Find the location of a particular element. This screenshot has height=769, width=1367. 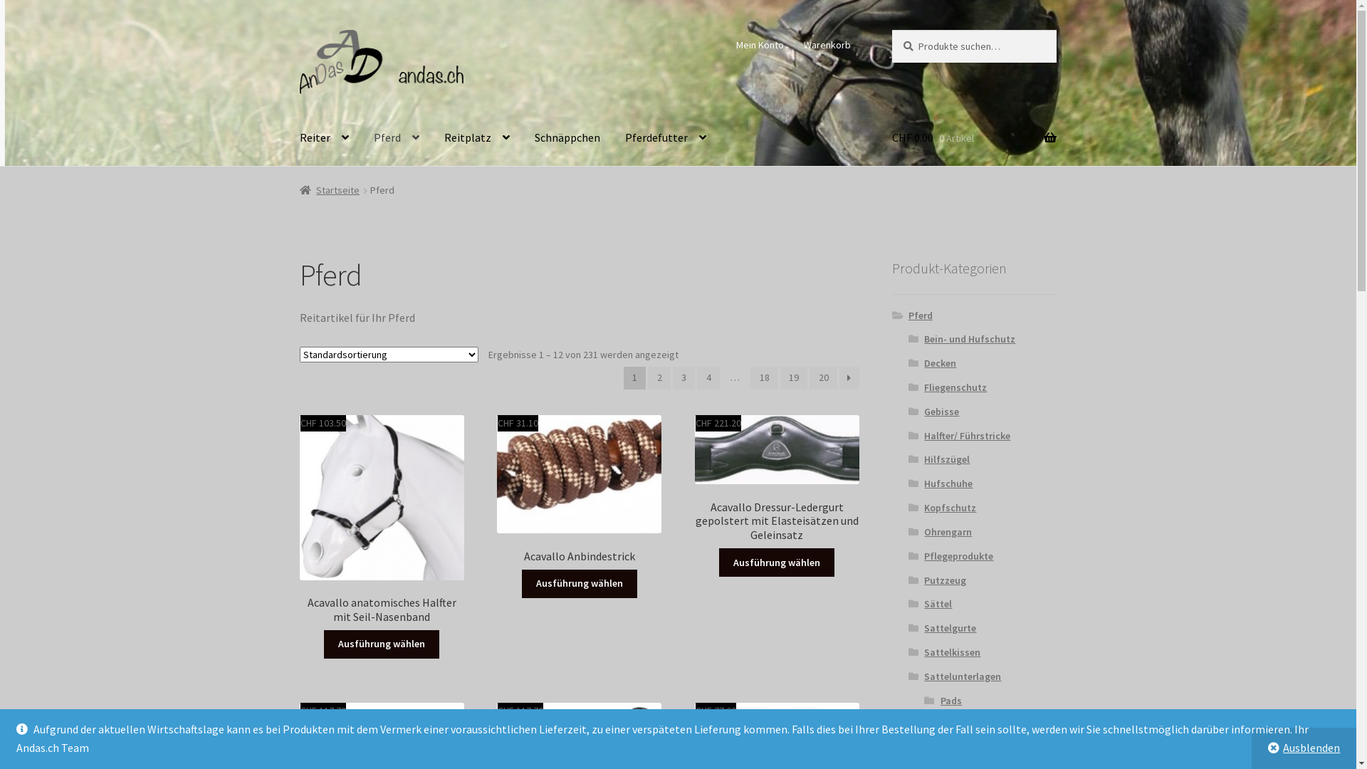

'Kopfschutz' is located at coordinates (923, 507).